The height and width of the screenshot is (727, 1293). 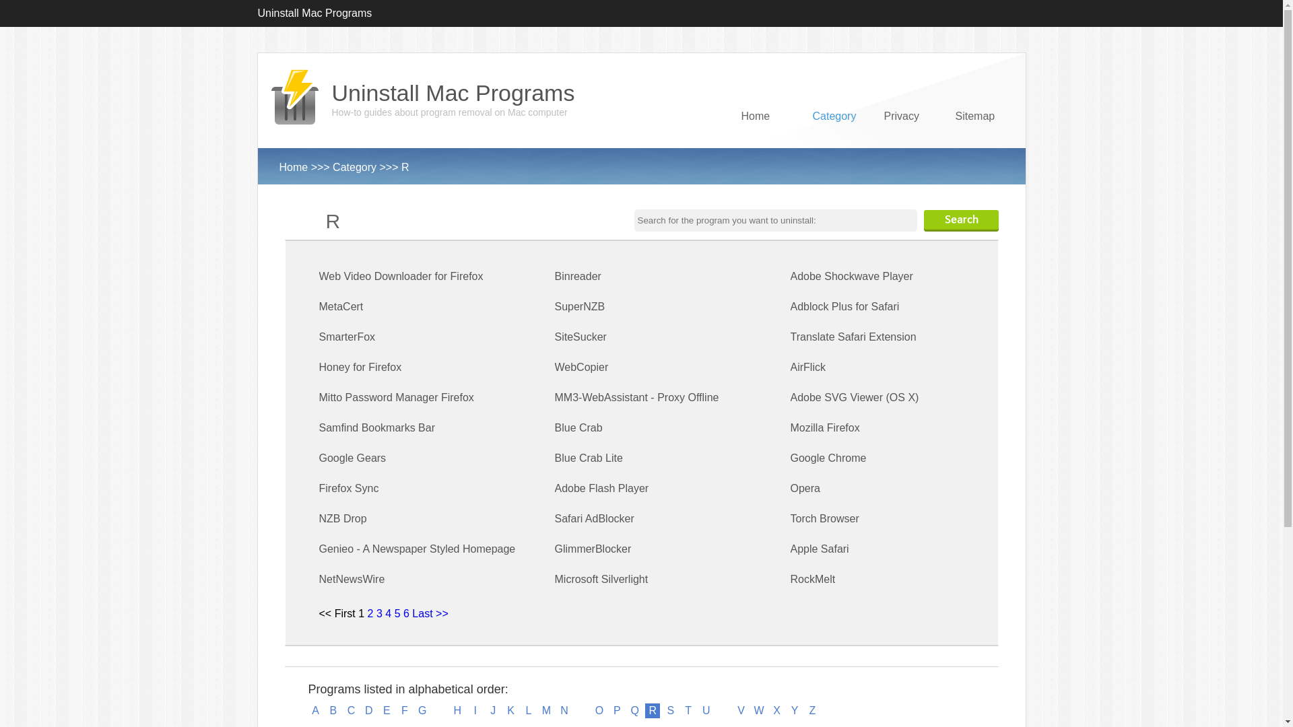 I want to click on 'Adobe Flash Player', so click(x=601, y=488).